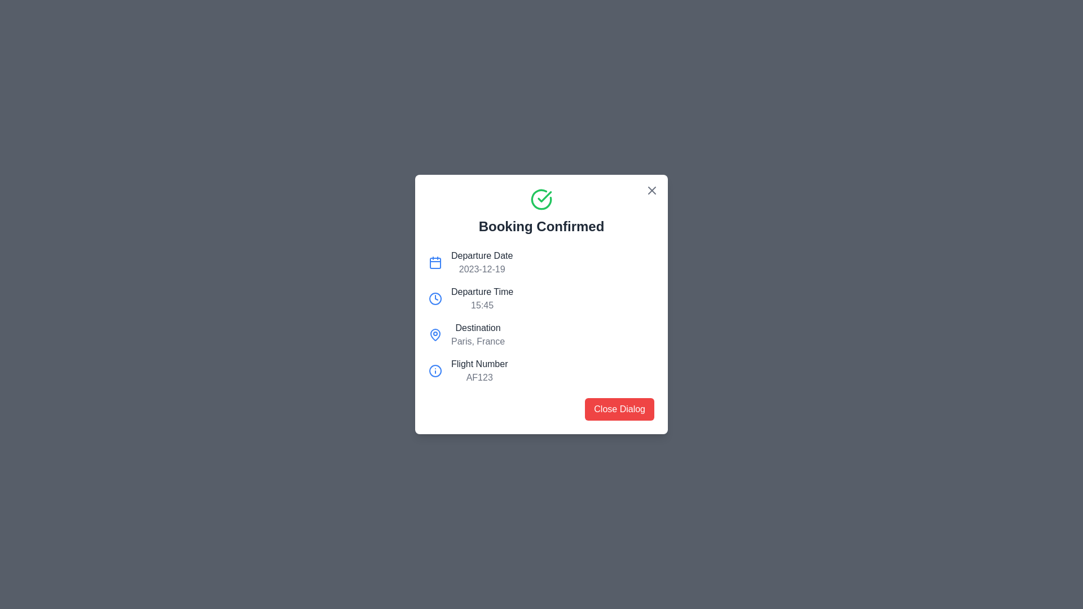 This screenshot has height=609, width=1083. I want to click on the text header displaying 'Booking Confirmed', which is prominently styled in dark gray and centrally aligned within a white box in the modal dialog, so click(541, 226).